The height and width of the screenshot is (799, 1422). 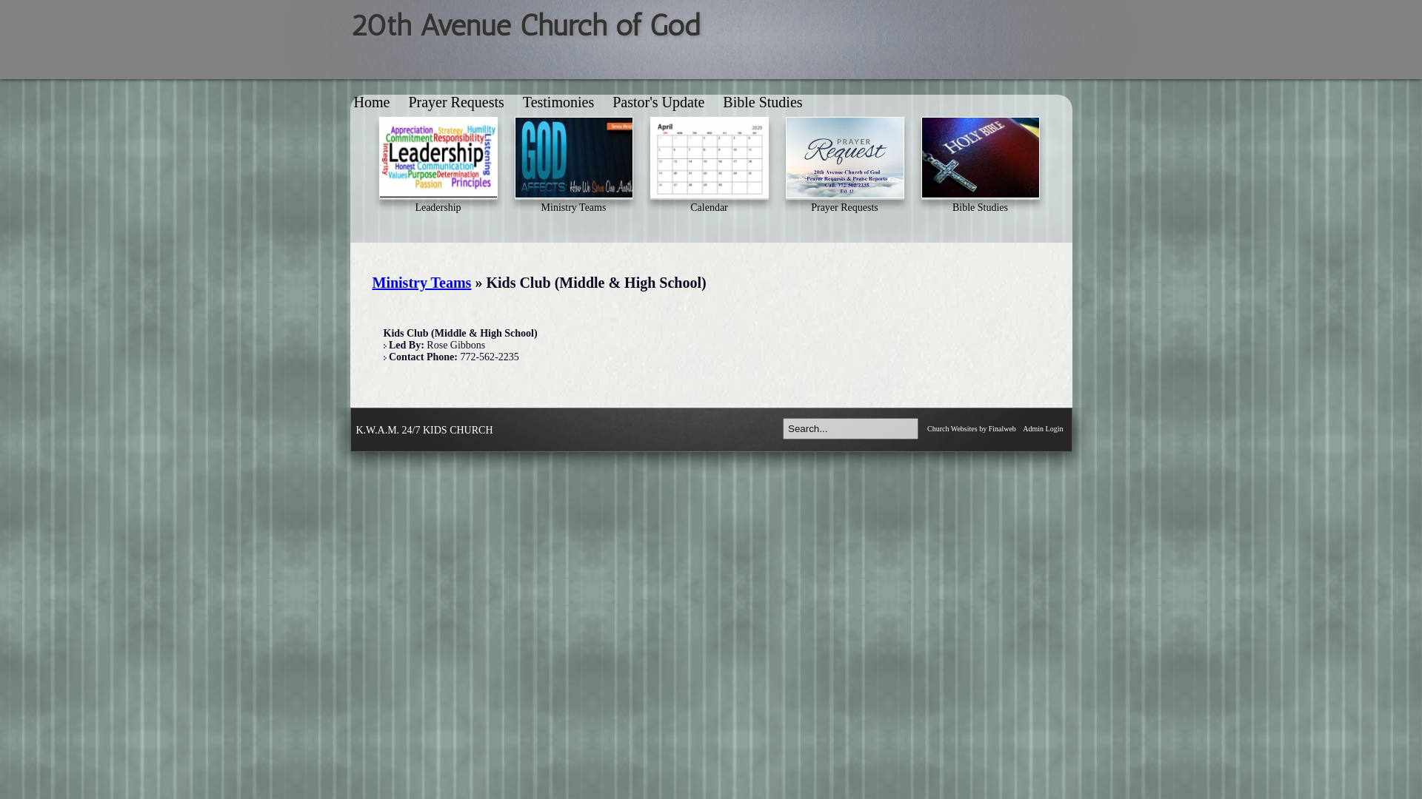 I want to click on 'Church Websites by Finalweb', so click(x=927, y=428).